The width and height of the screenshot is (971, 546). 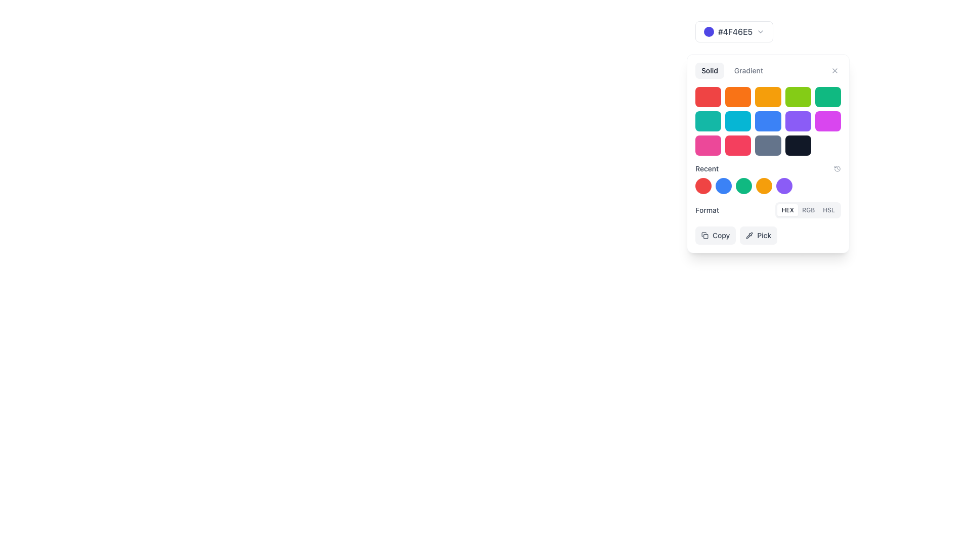 I want to click on the rectangular green button with rounded edges, located in the topmost row of the grid layout, fifth from the left, so click(x=828, y=97).